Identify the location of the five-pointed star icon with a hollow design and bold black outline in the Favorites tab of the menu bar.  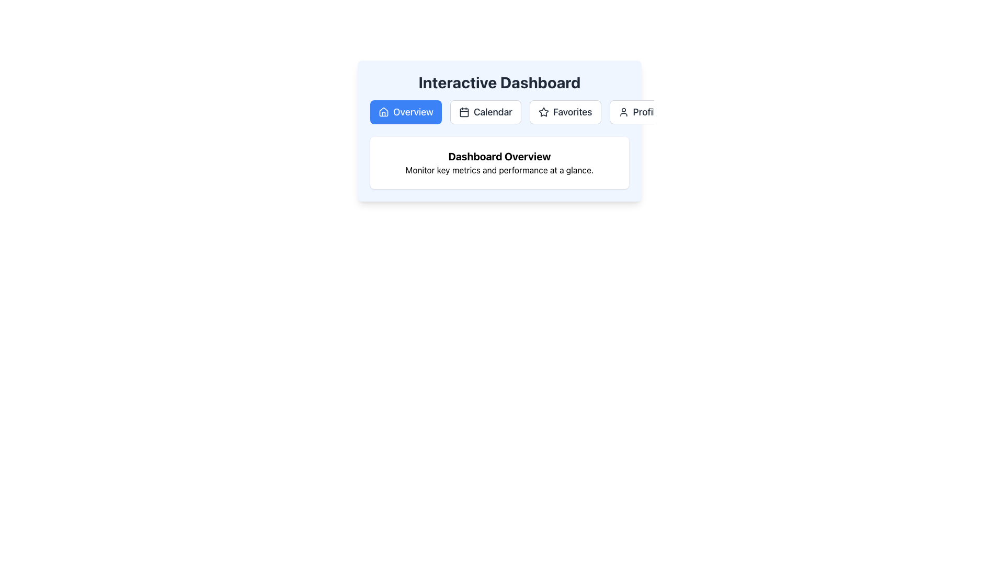
(543, 111).